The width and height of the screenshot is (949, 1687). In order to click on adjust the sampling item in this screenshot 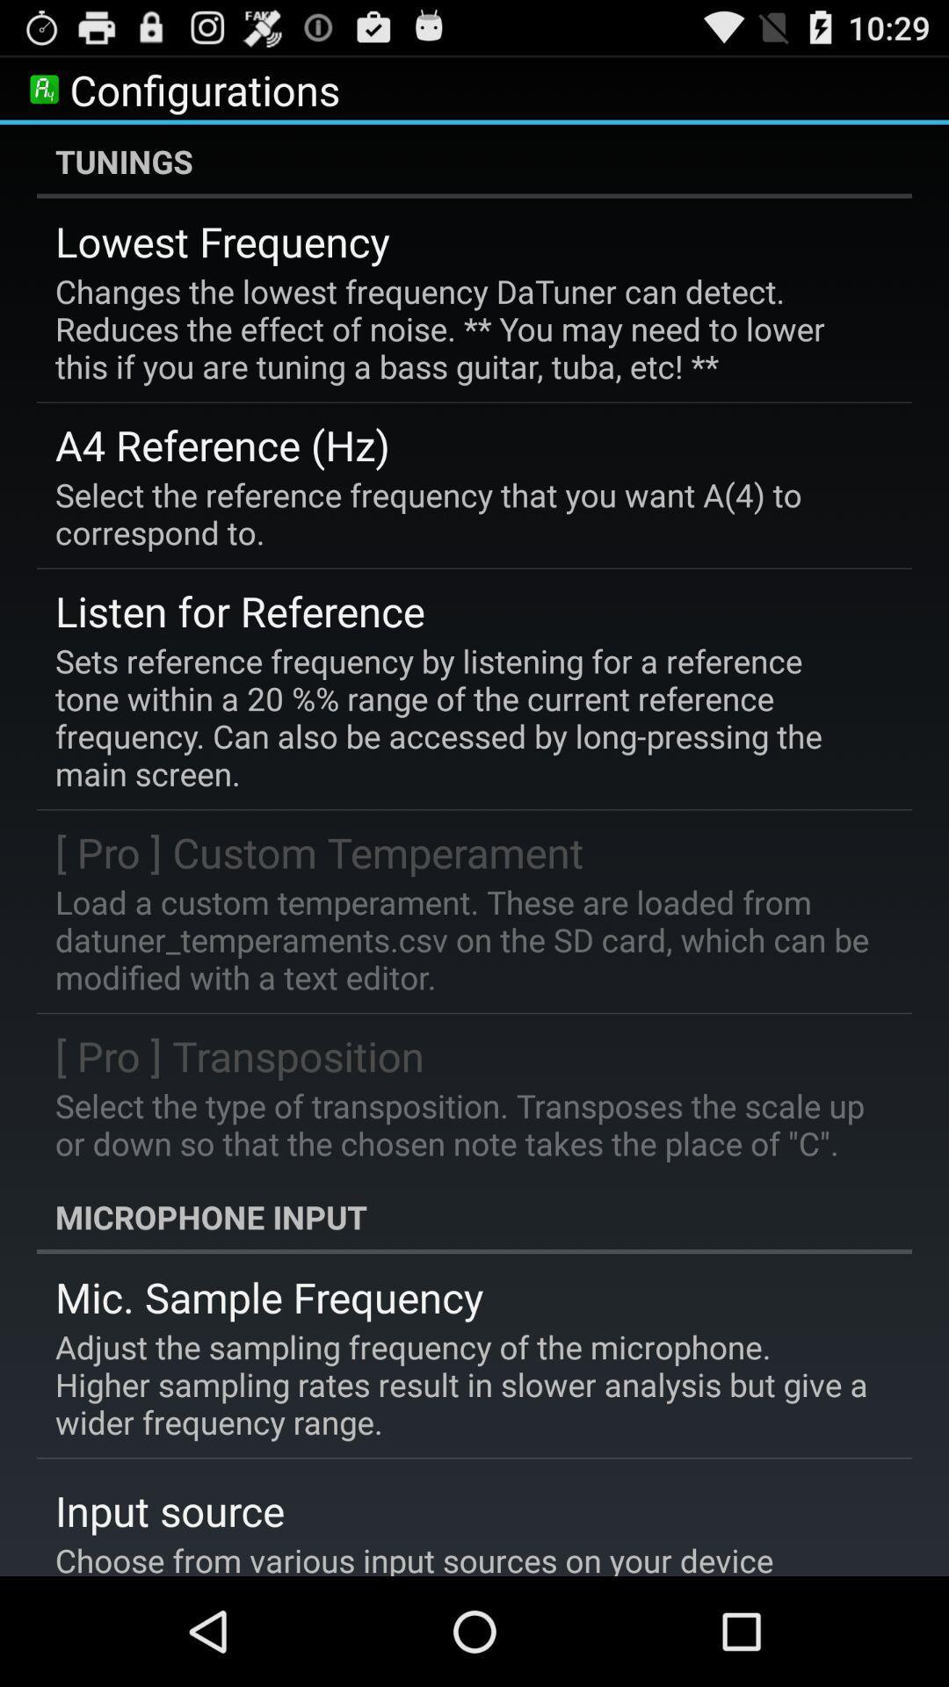, I will do `click(461, 1383)`.